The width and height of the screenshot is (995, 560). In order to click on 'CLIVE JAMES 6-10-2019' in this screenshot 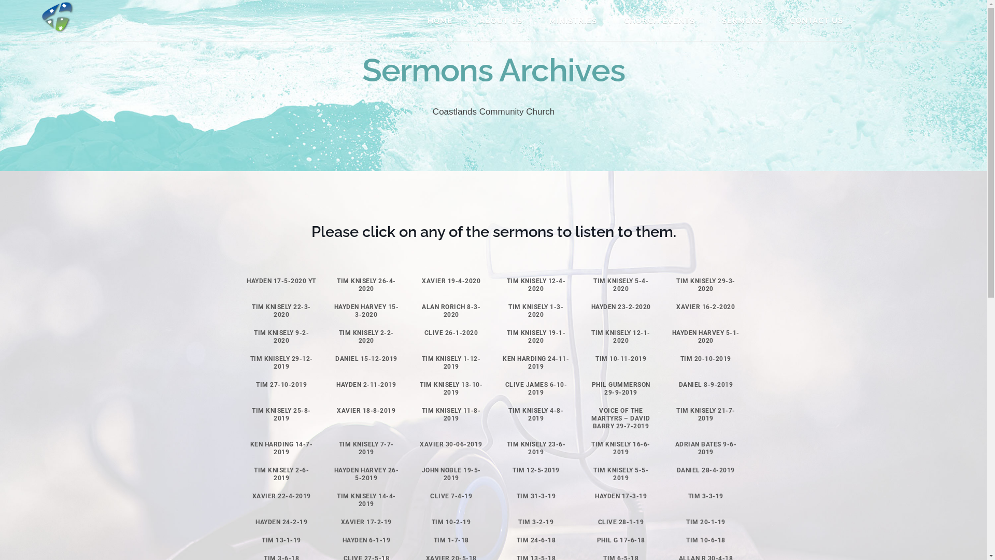, I will do `click(536, 388)`.